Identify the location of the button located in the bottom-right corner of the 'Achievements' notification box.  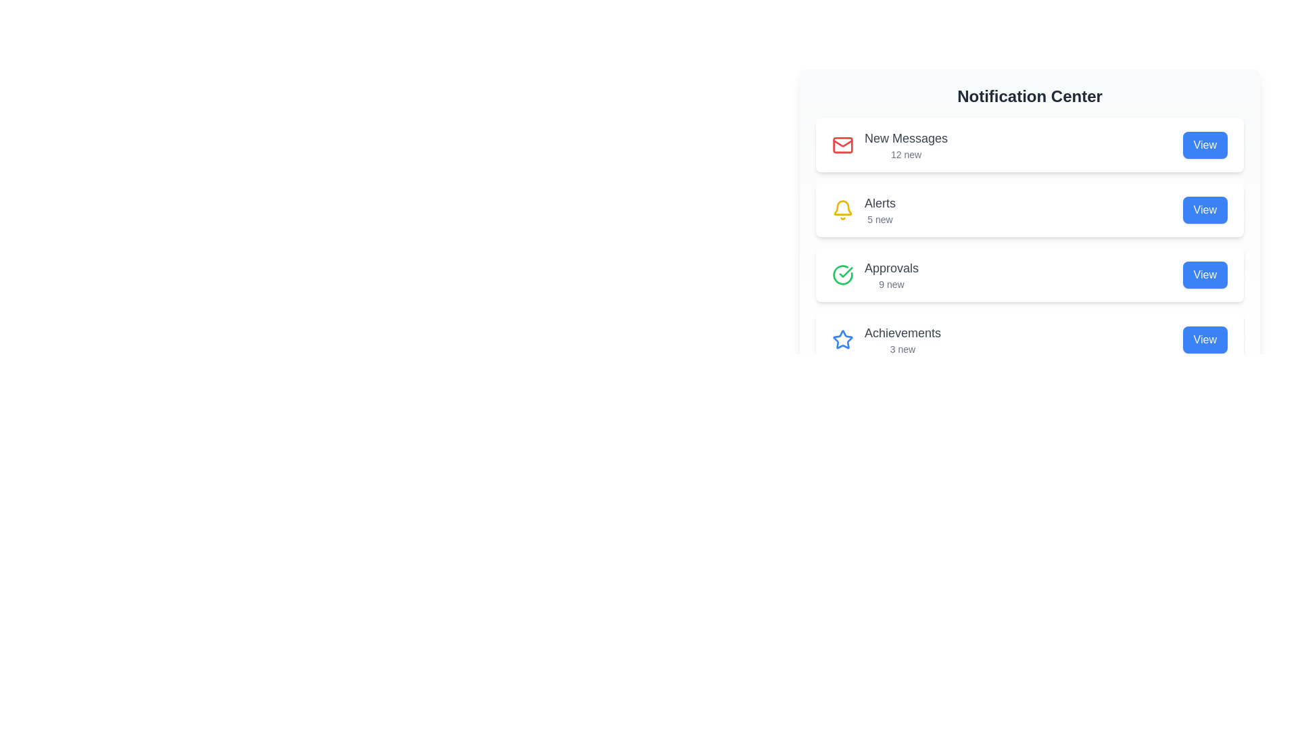
(1205, 339).